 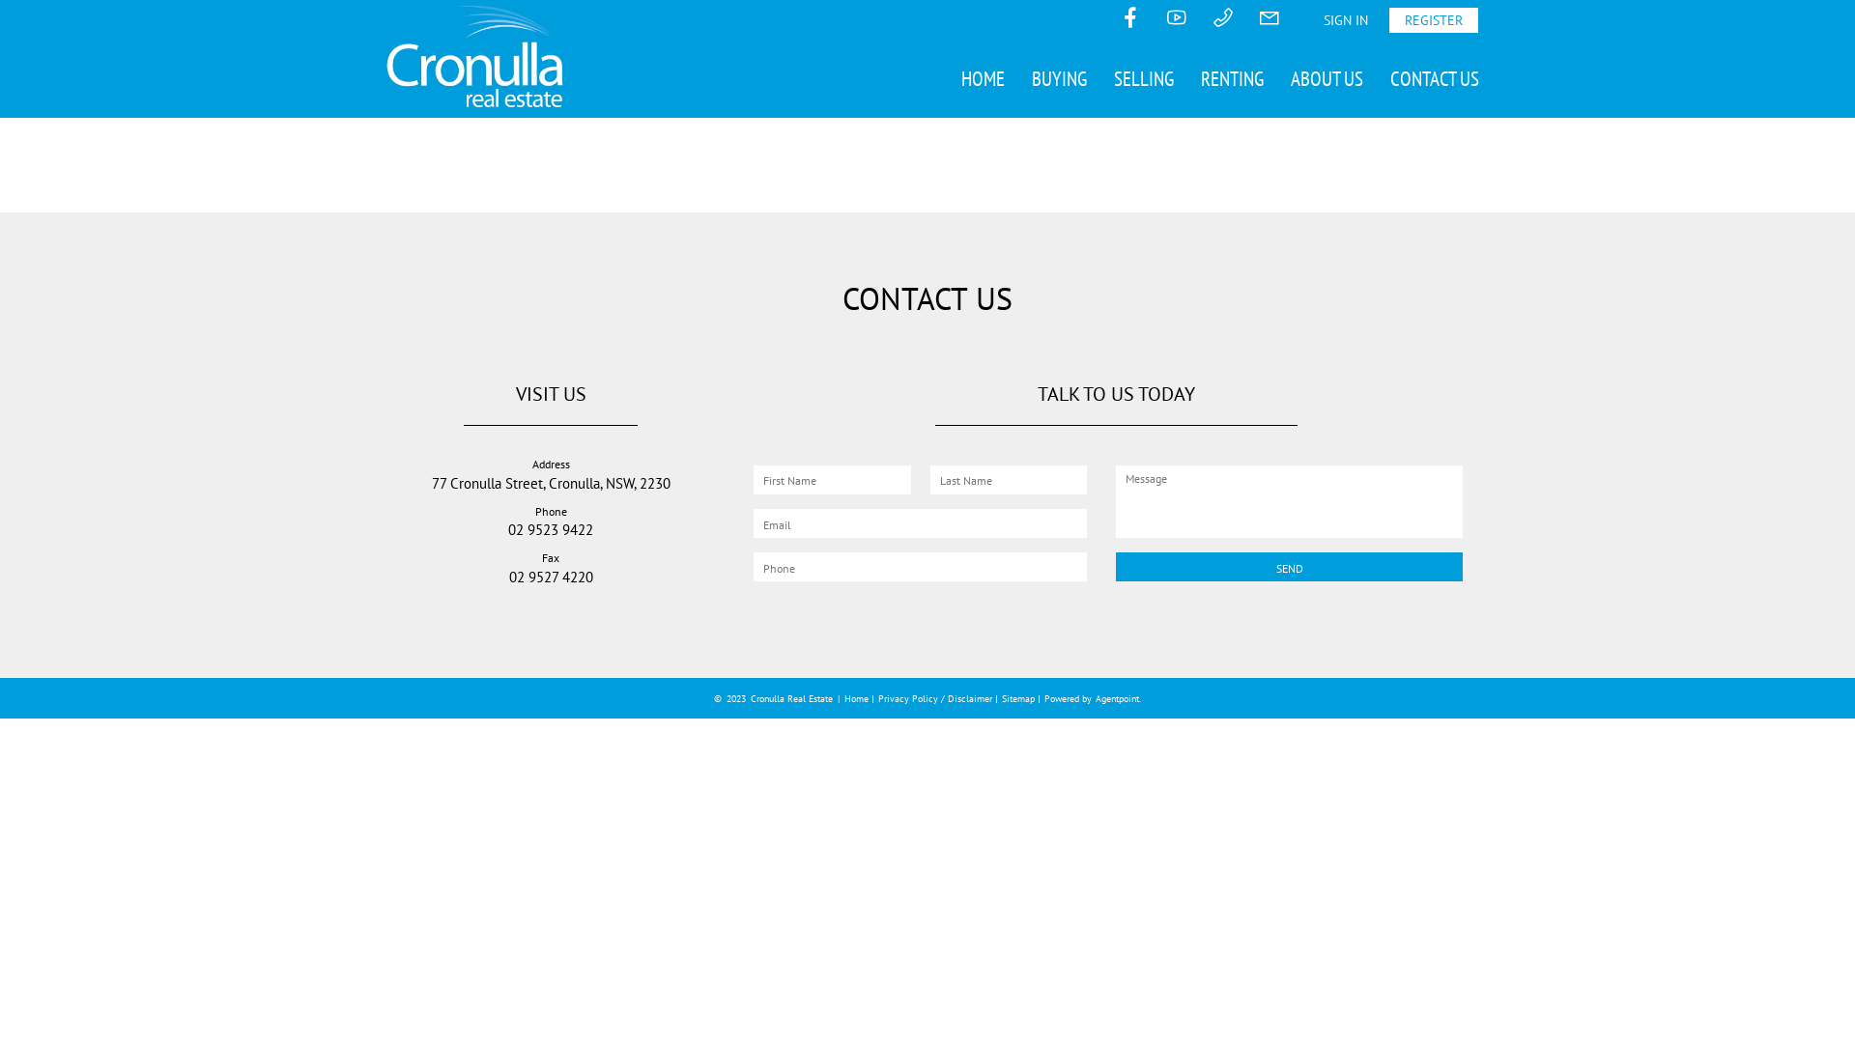 I want to click on 'Home', so click(x=843, y=698).